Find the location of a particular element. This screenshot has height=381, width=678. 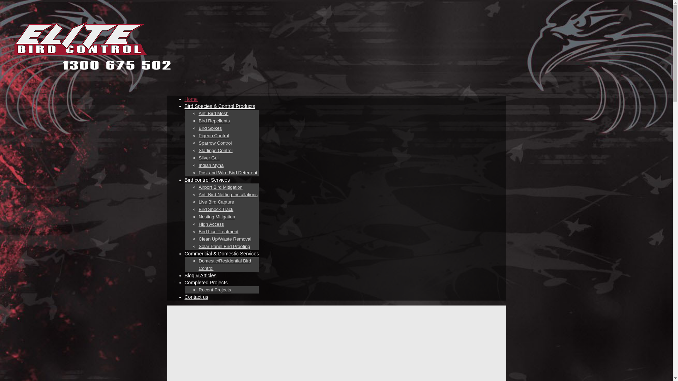

'Completed Projects' is located at coordinates (205, 282).